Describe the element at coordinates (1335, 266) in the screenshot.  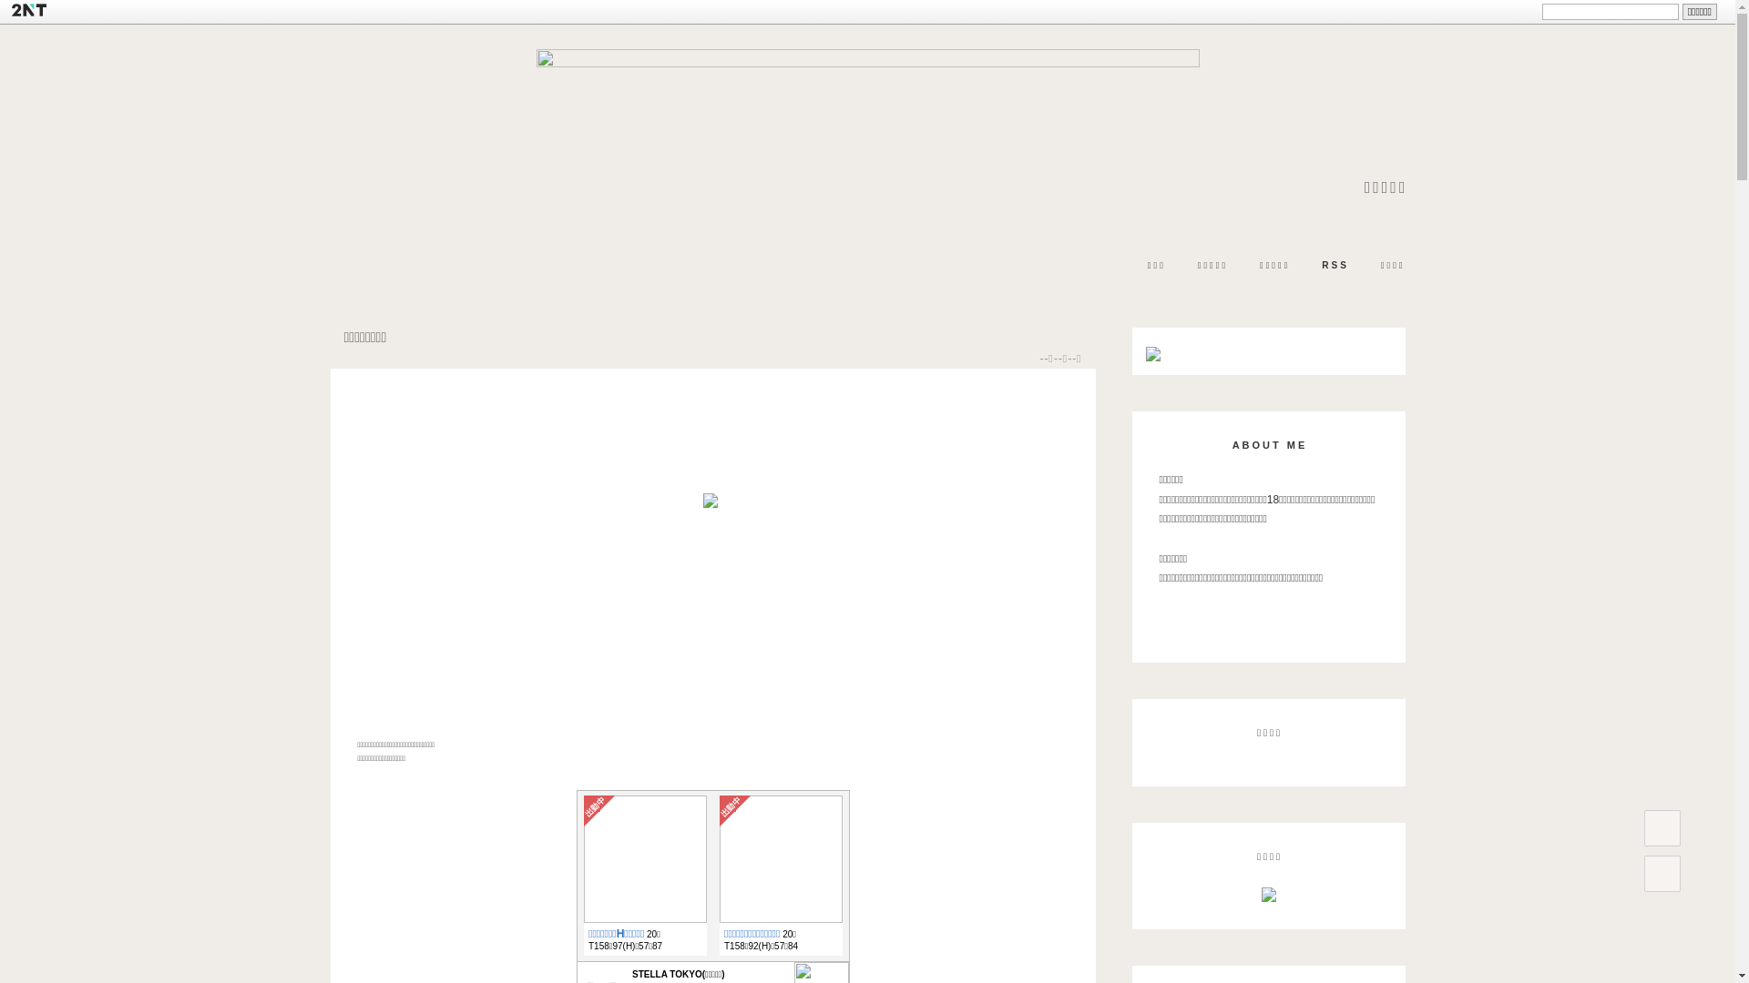
I see `'RSS'` at that location.